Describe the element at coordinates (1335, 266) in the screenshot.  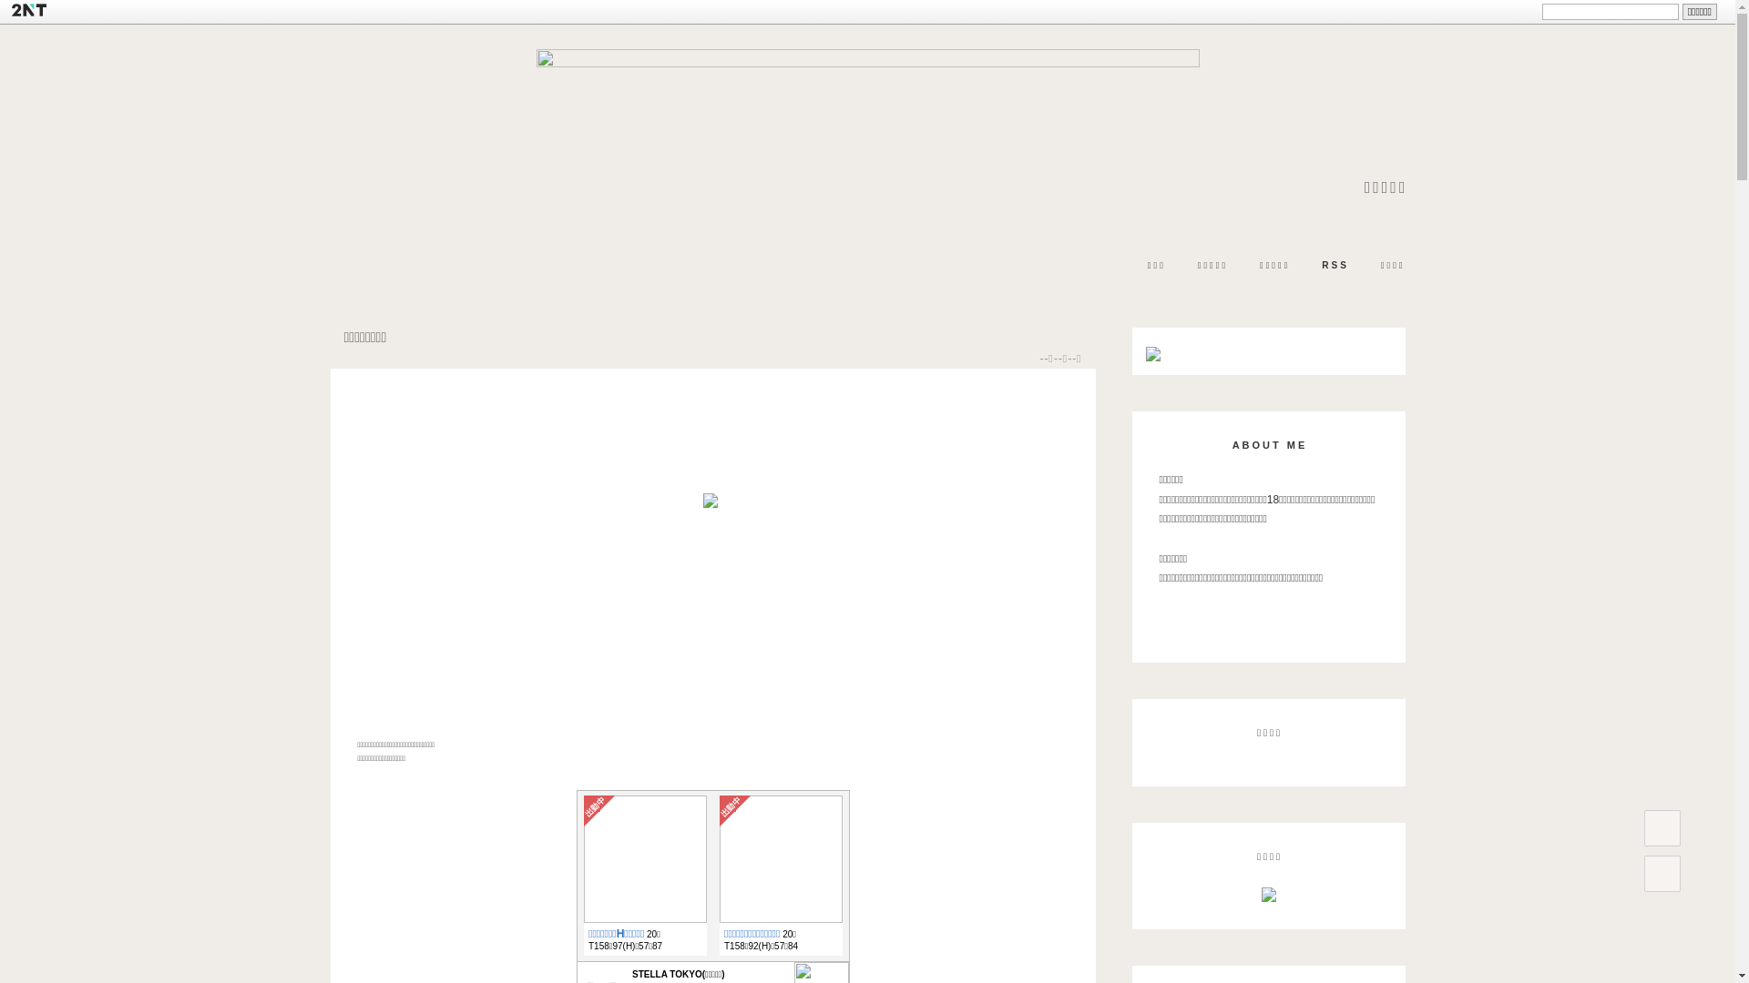
I see `'RSS'` at that location.